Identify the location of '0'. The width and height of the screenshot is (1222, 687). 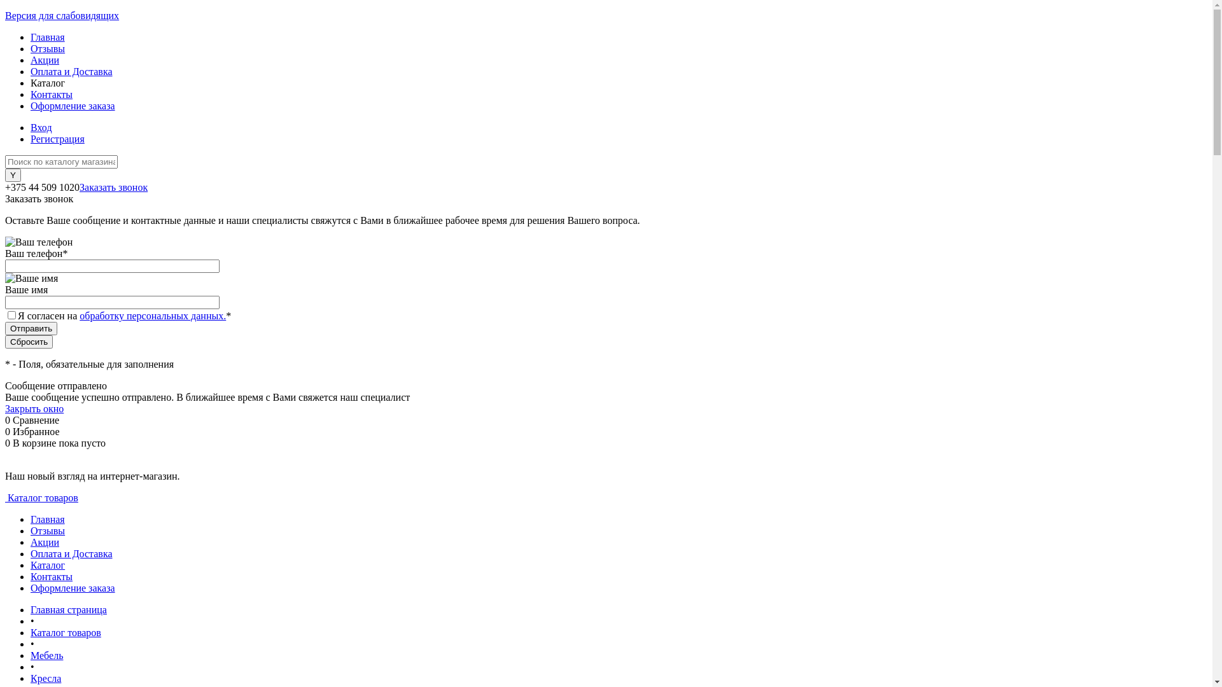
(9, 420).